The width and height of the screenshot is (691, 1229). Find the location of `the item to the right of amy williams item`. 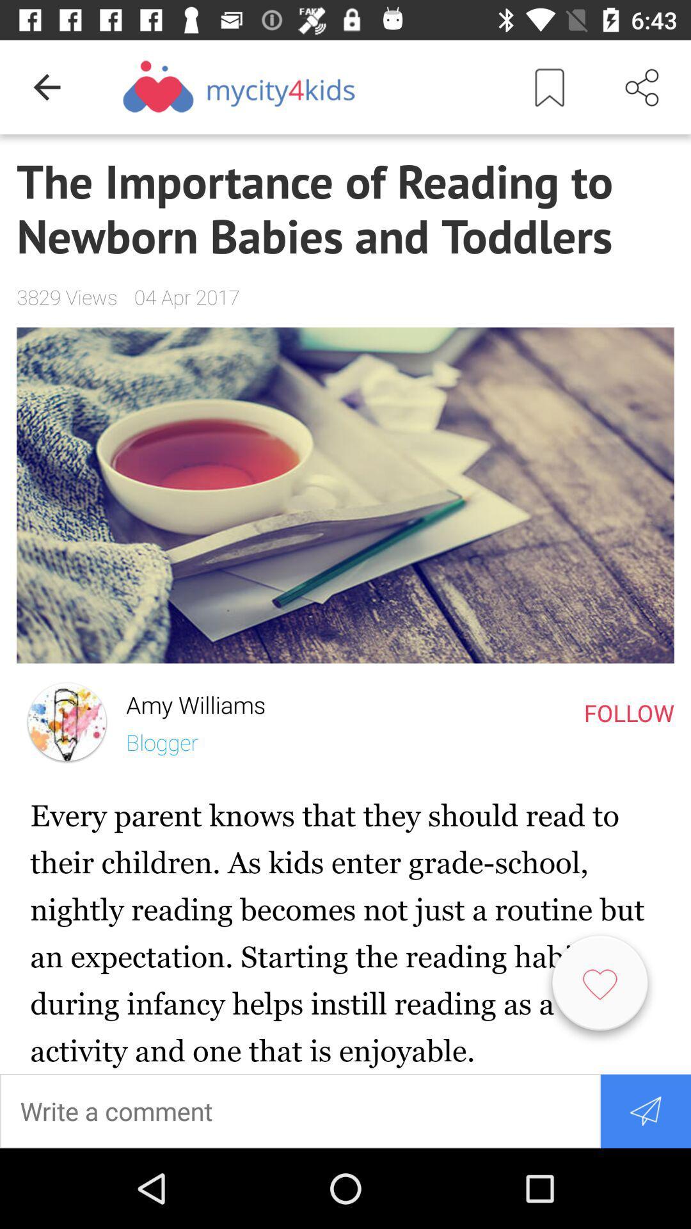

the item to the right of amy williams item is located at coordinates (628, 712).